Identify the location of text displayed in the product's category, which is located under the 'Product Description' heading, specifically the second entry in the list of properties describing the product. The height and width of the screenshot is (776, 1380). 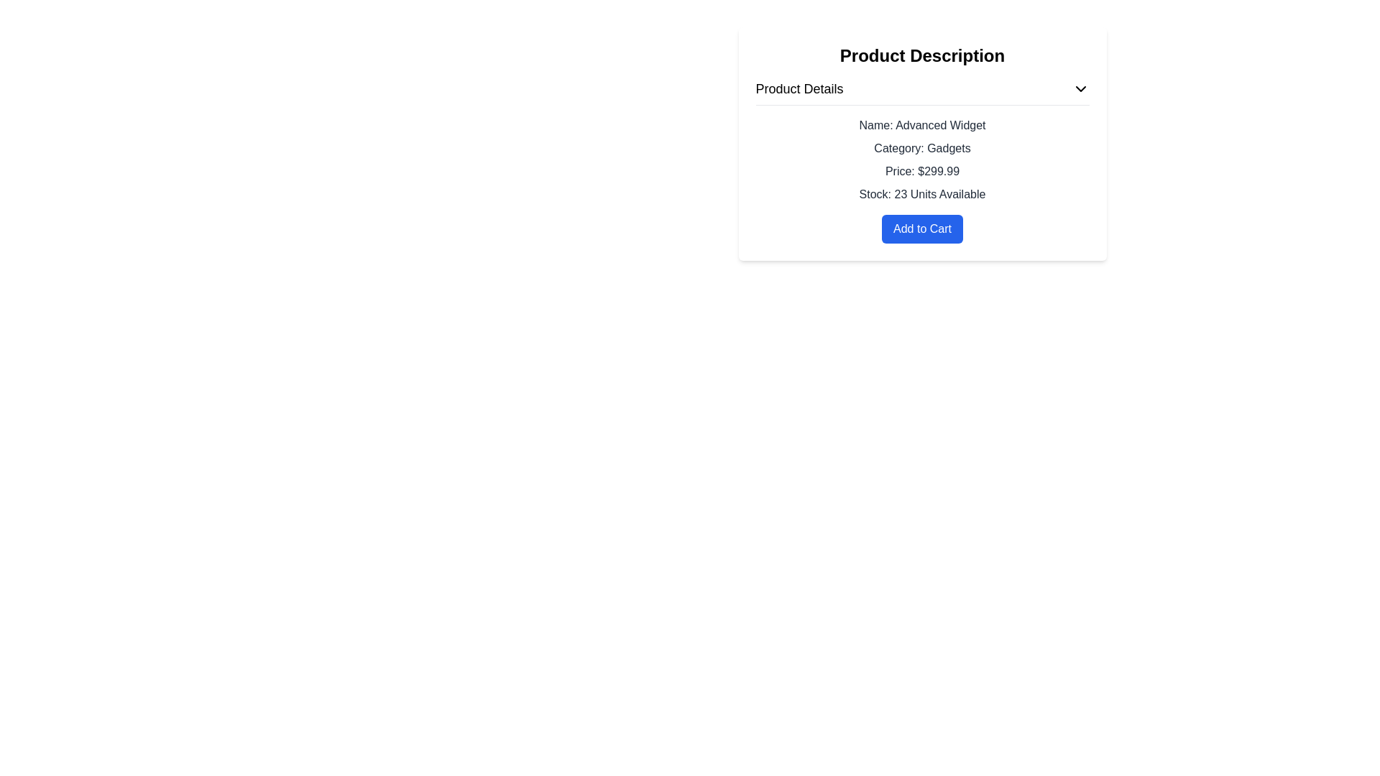
(922, 149).